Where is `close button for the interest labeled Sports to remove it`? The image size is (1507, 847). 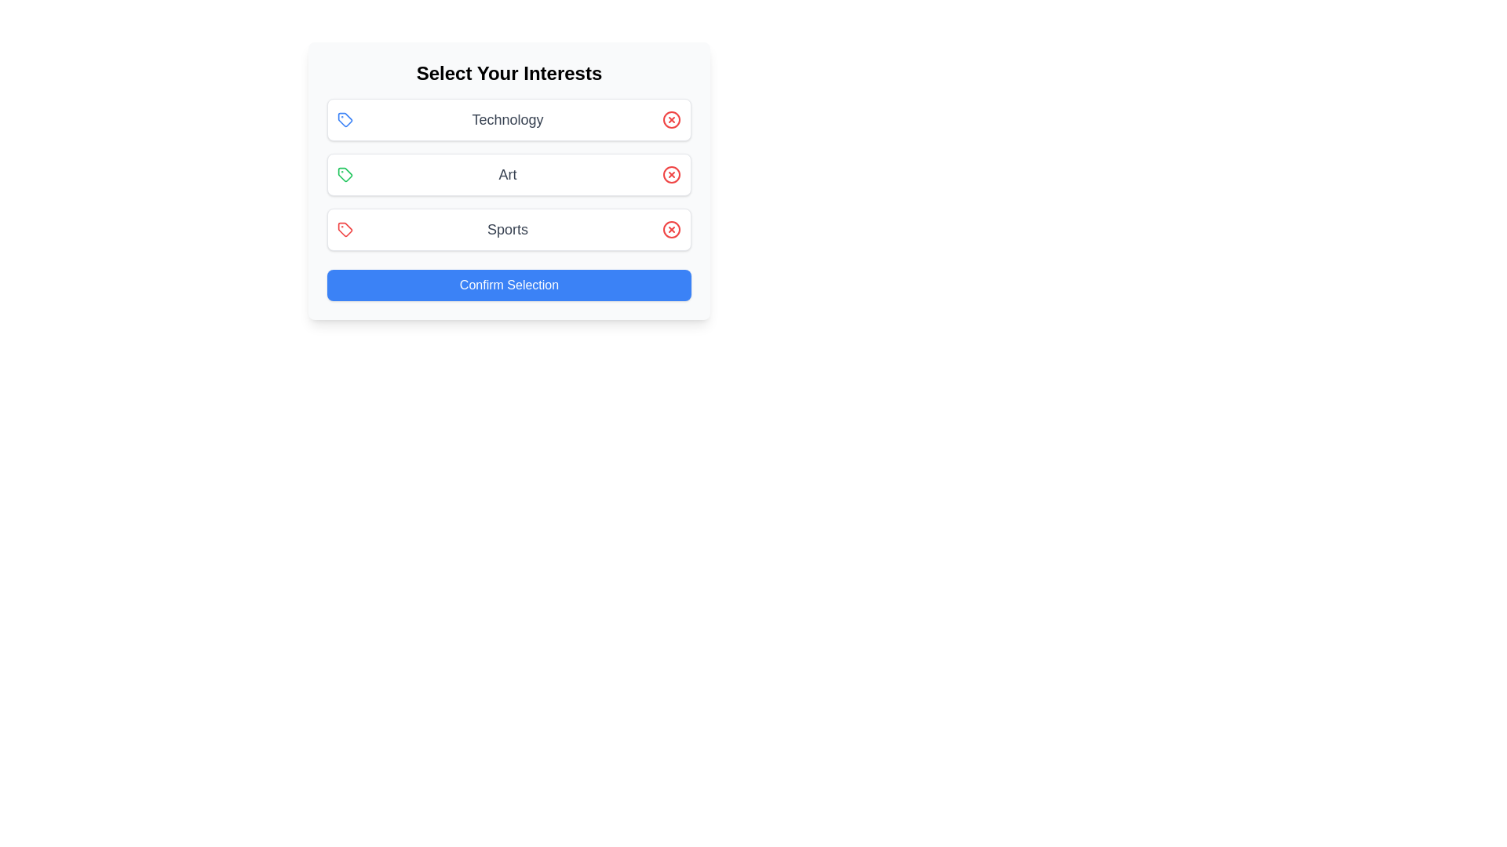 close button for the interest labeled Sports to remove it is located at coordinates (671, 230).